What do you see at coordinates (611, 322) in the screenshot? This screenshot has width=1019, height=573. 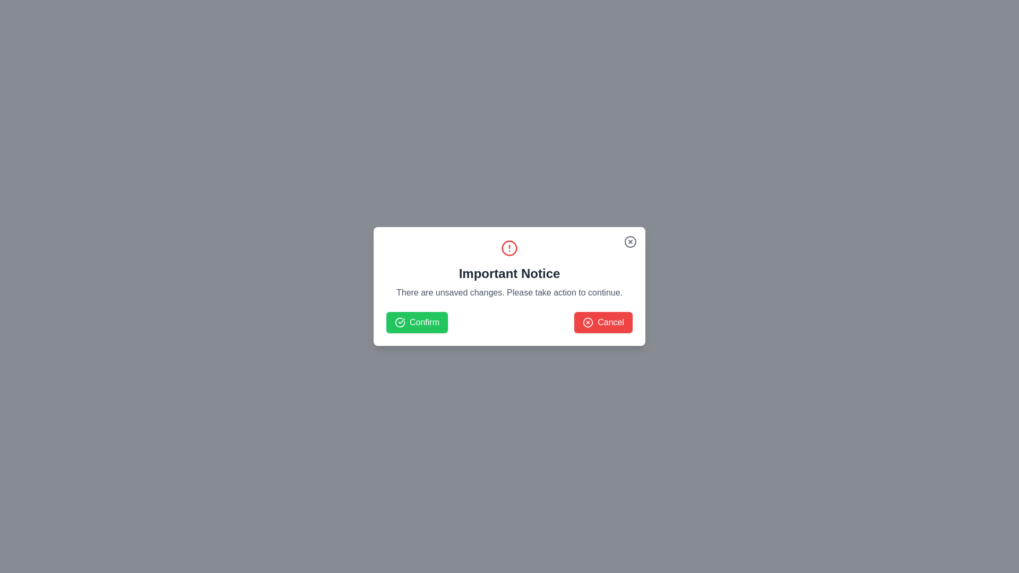 I see `the static text label on the red cancellation button located at the bottom-right of the modal dialog` at bounding box center [611, 322].